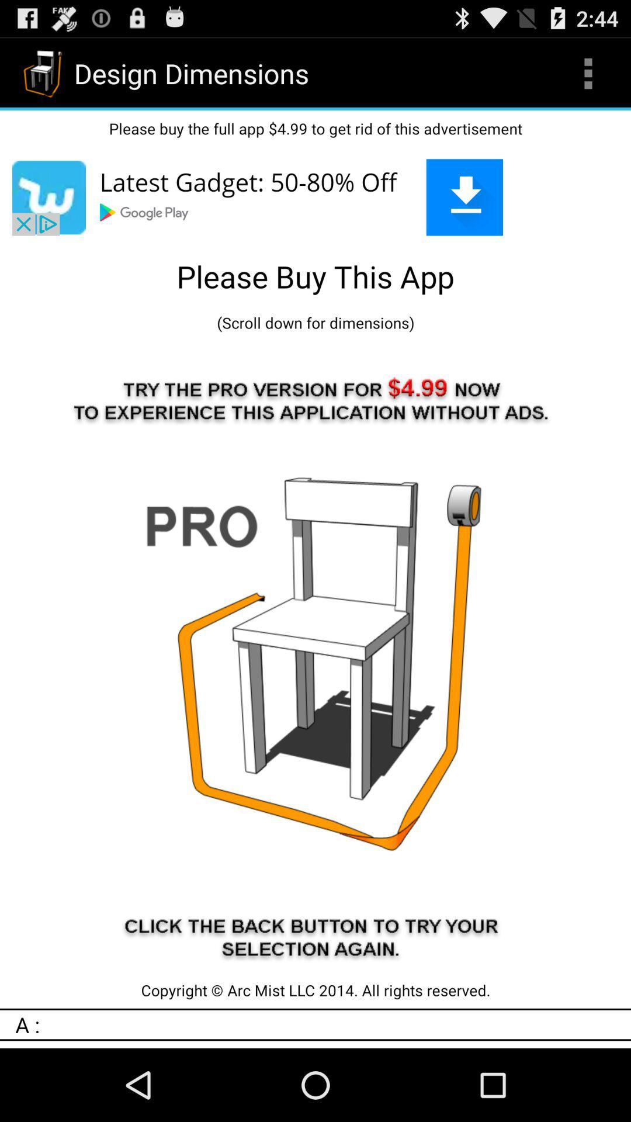 This screenshot has height=1122, width=631. Describe the element at coordinates (588, 72) in the screenshot. I see `icon to the right of the design dimensions` at that location.